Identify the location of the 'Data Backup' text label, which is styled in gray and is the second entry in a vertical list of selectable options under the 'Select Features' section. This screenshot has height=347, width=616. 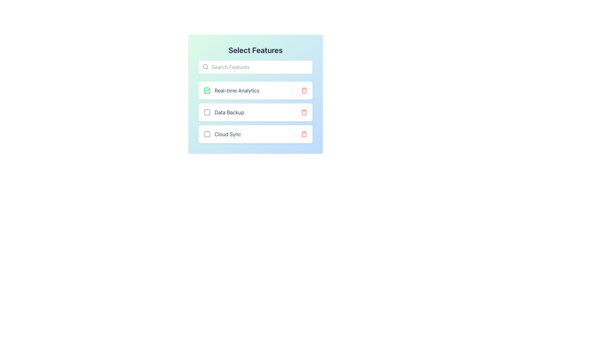
(229, 112).